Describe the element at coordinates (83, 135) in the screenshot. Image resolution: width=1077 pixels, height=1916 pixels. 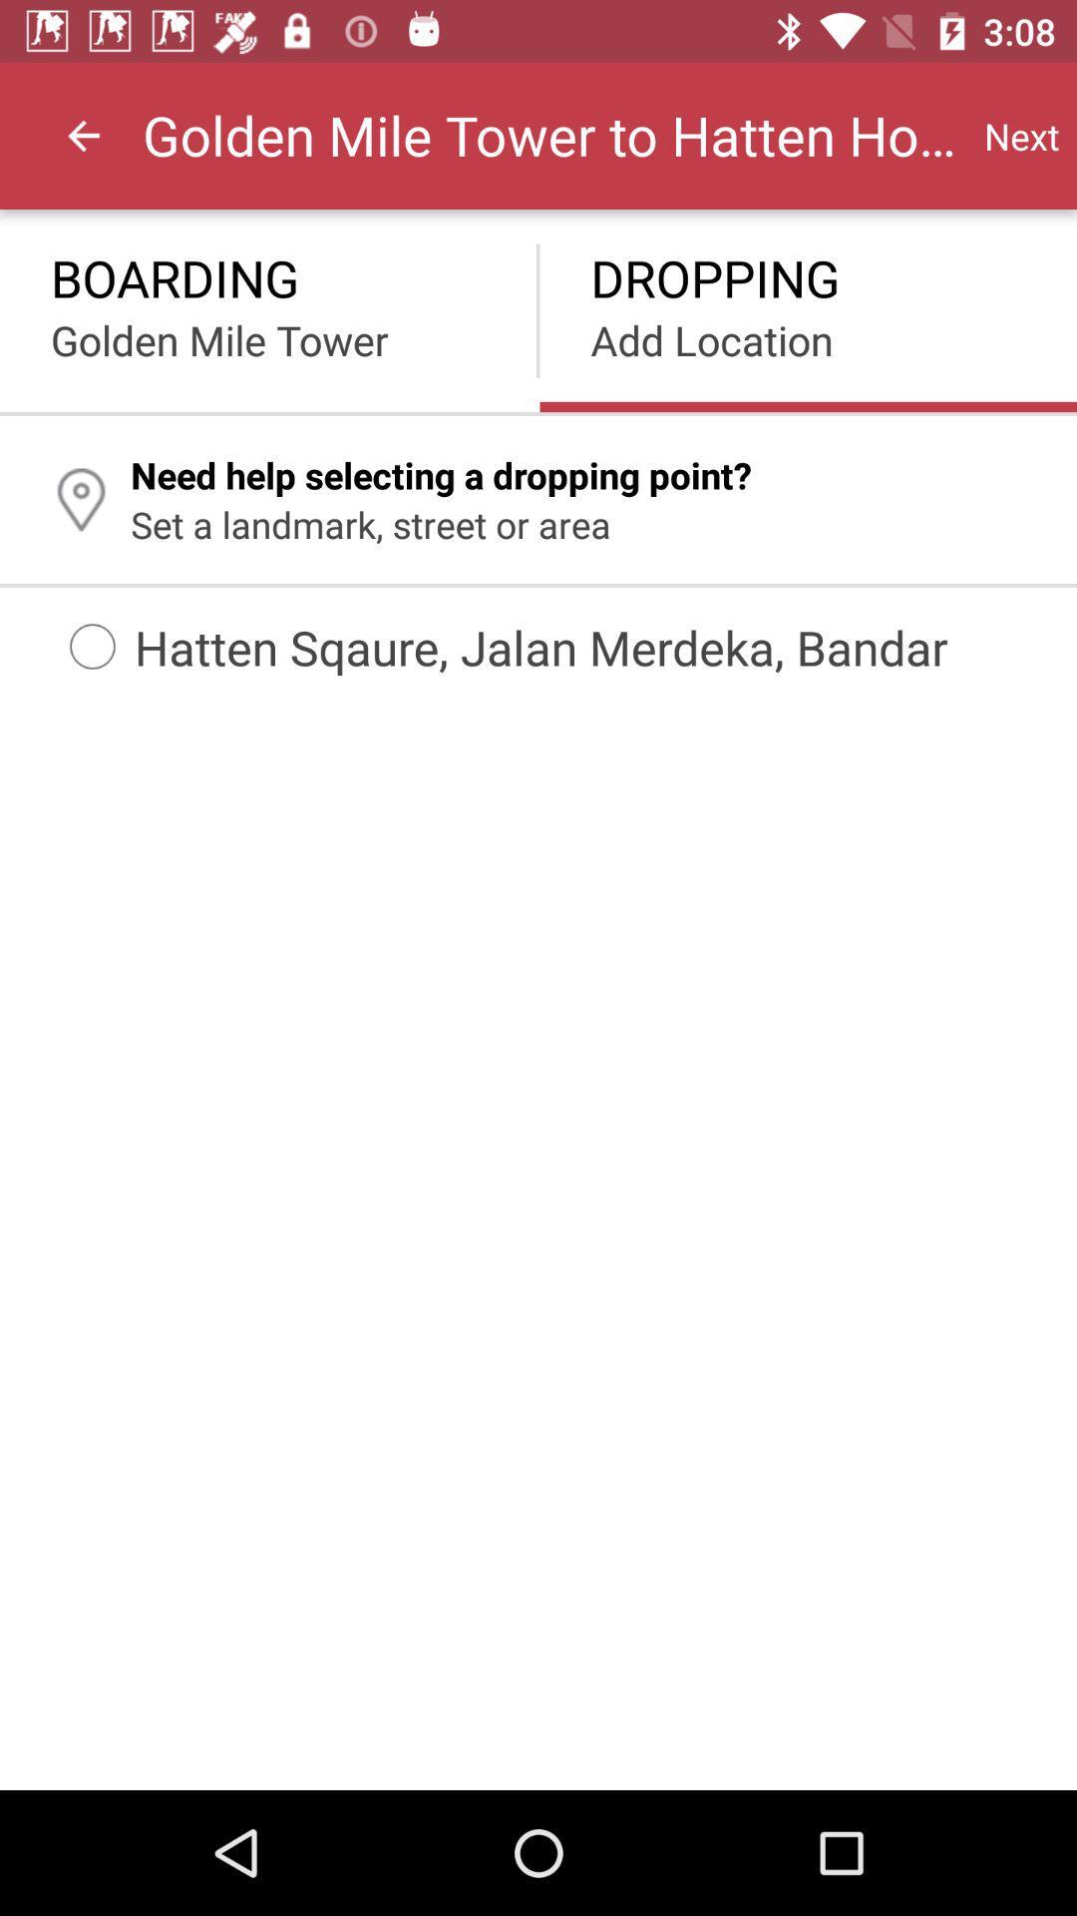
I see `item next to the golden mile tower icon` at that location.